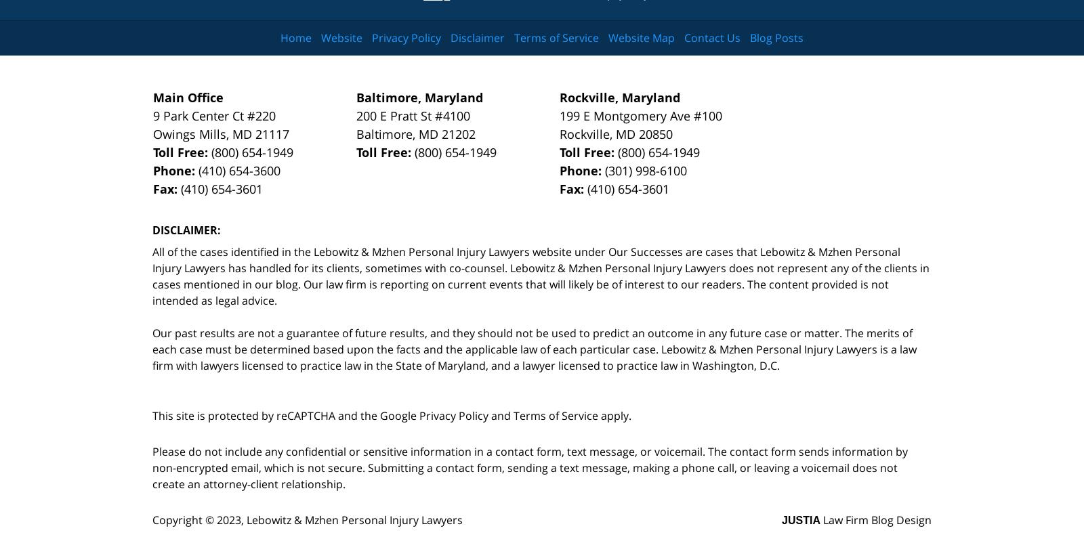  Describe the element at coordinates (555, 414) in the screenshot. I see `'Terms of Service'` at that location.